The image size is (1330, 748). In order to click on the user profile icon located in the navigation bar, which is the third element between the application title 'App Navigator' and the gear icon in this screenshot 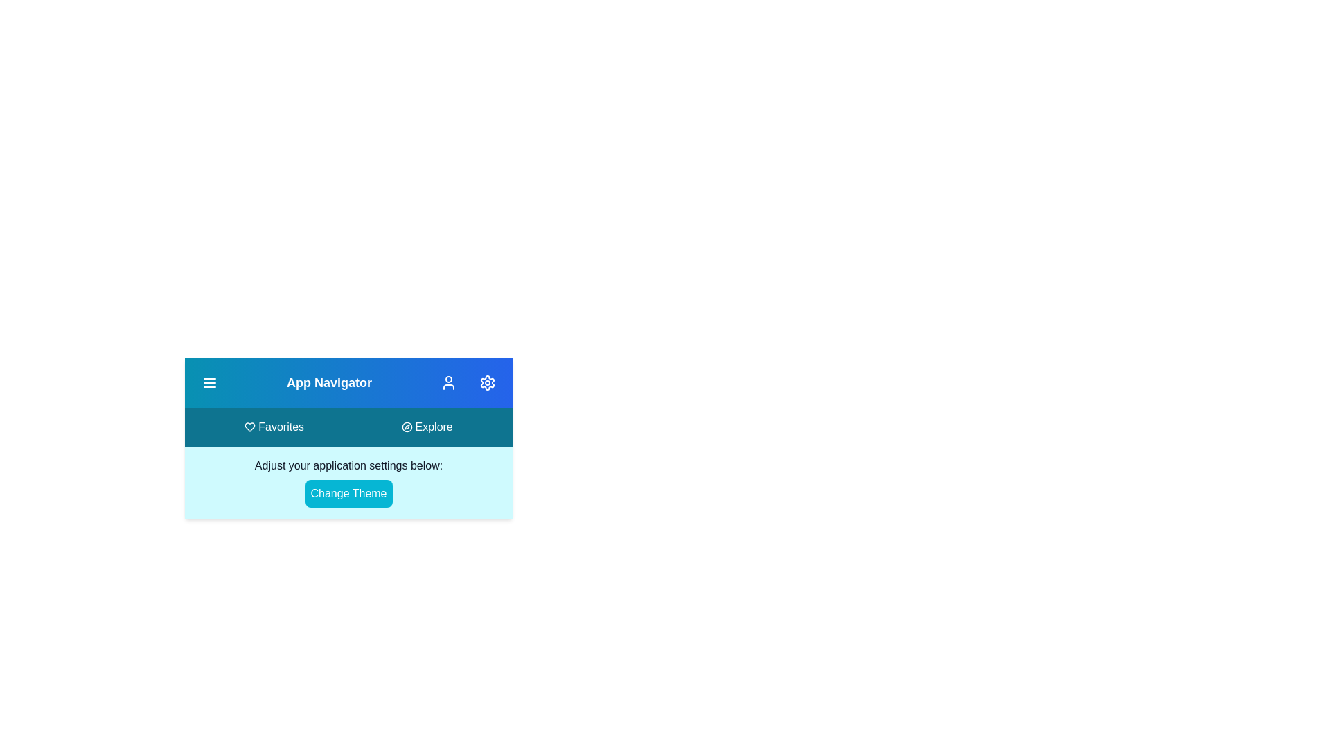, I will do `click(449, 382)`.